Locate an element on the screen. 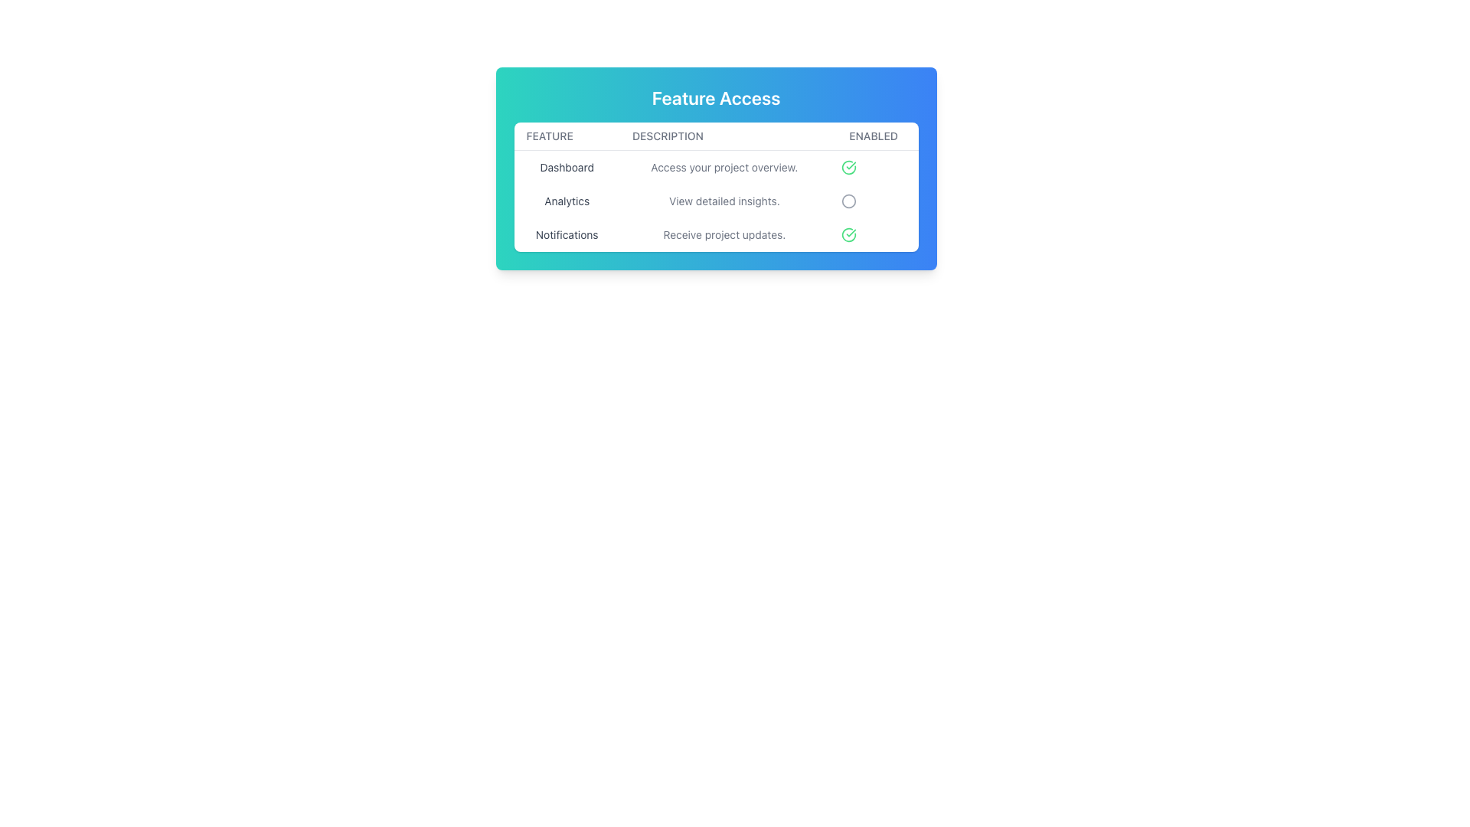 Image resolution: width=1470 pixels, height=827 pixels. the interactive checkbox located in the 'ENABLED' column adjacent to the 'Analytics' row is located at coordinates (874, 200).